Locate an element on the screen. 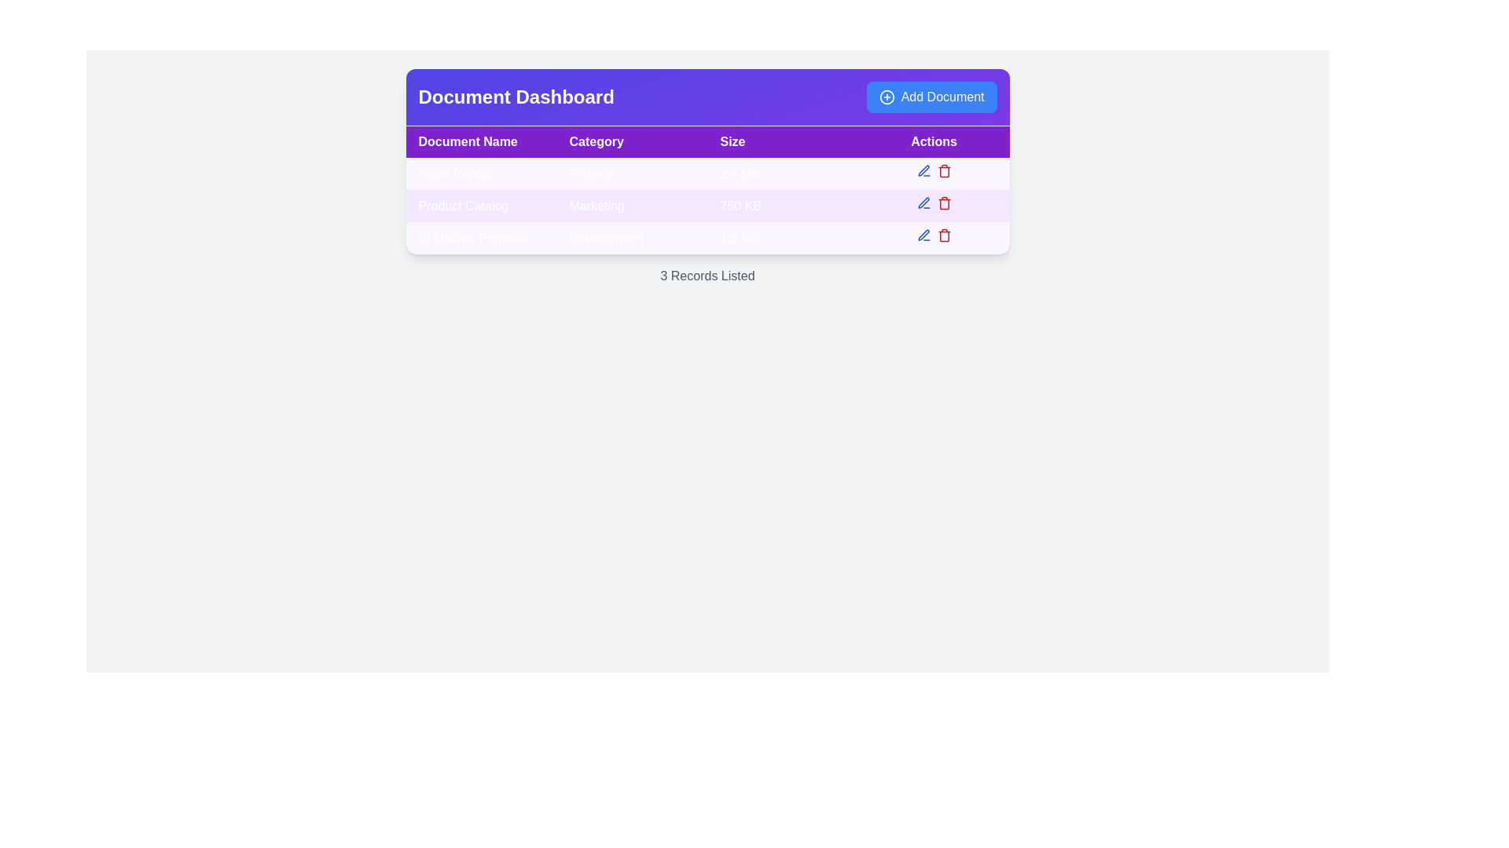 The image size is (1509, 848). the second row of the document table is located at coordinates (707, 205).